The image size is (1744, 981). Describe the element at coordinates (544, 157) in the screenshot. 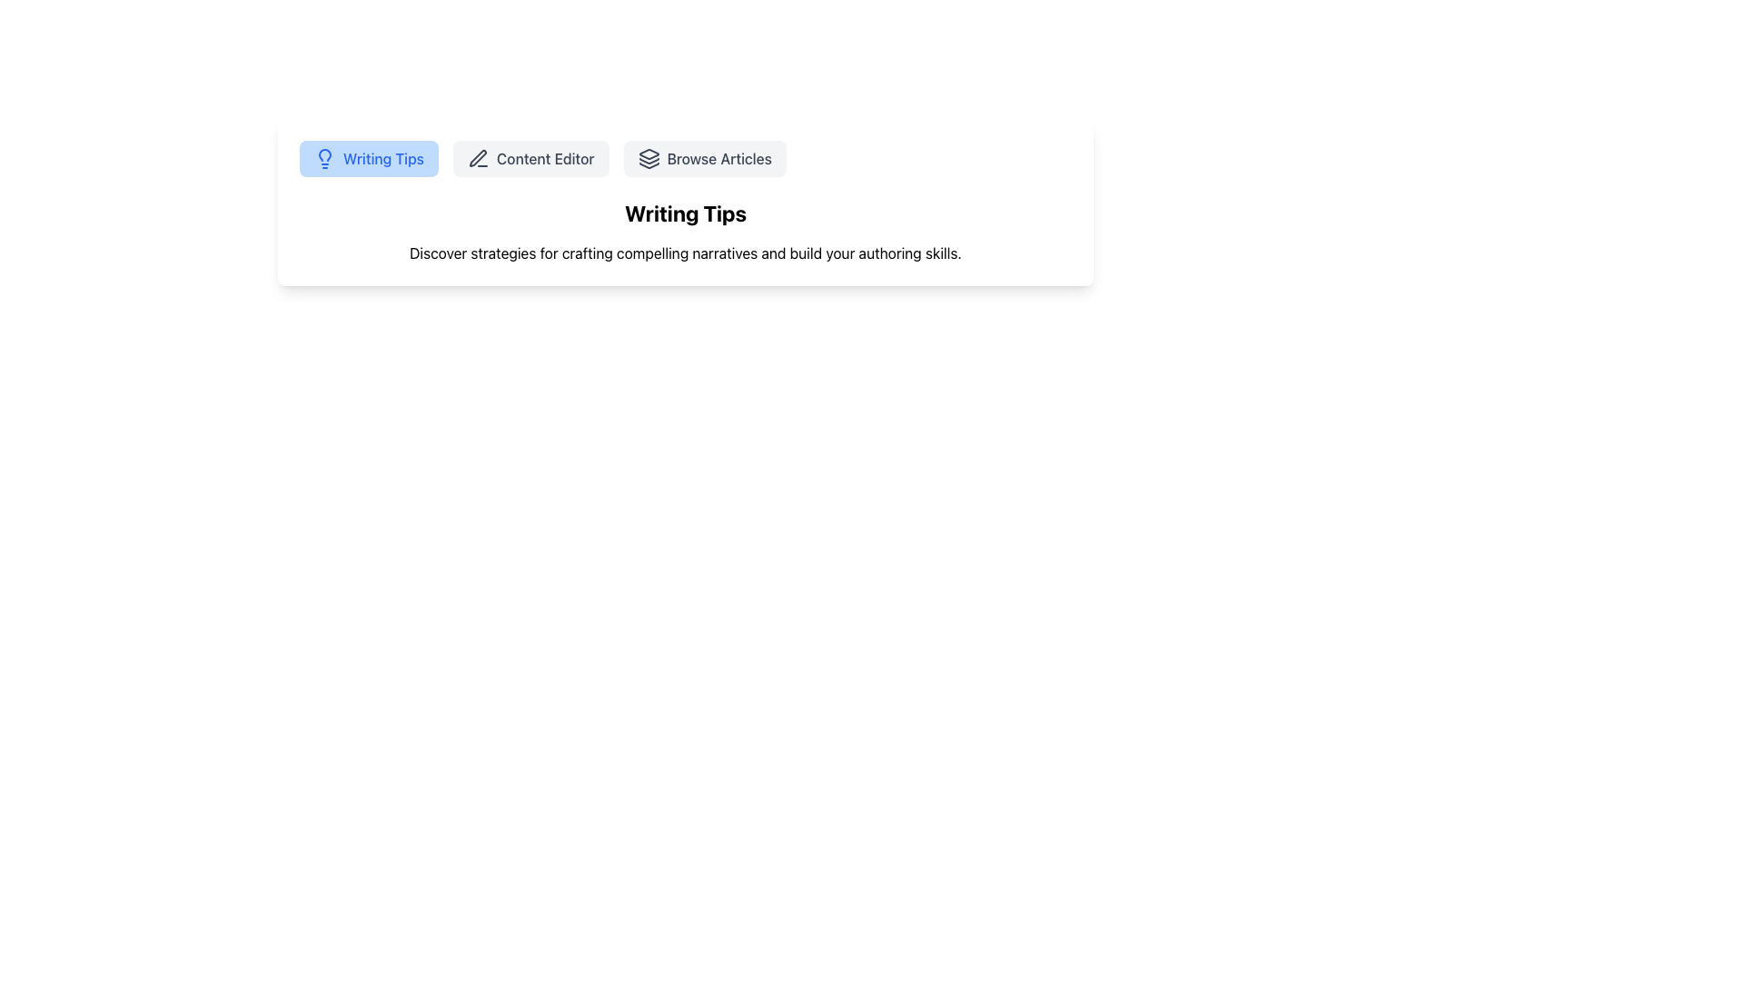

I see `the 'Content Editor' text label which is styled in gray, part of the second button in a horizontal button group, positioned between a pen icon and the 'Browse Articles' button` at that location.